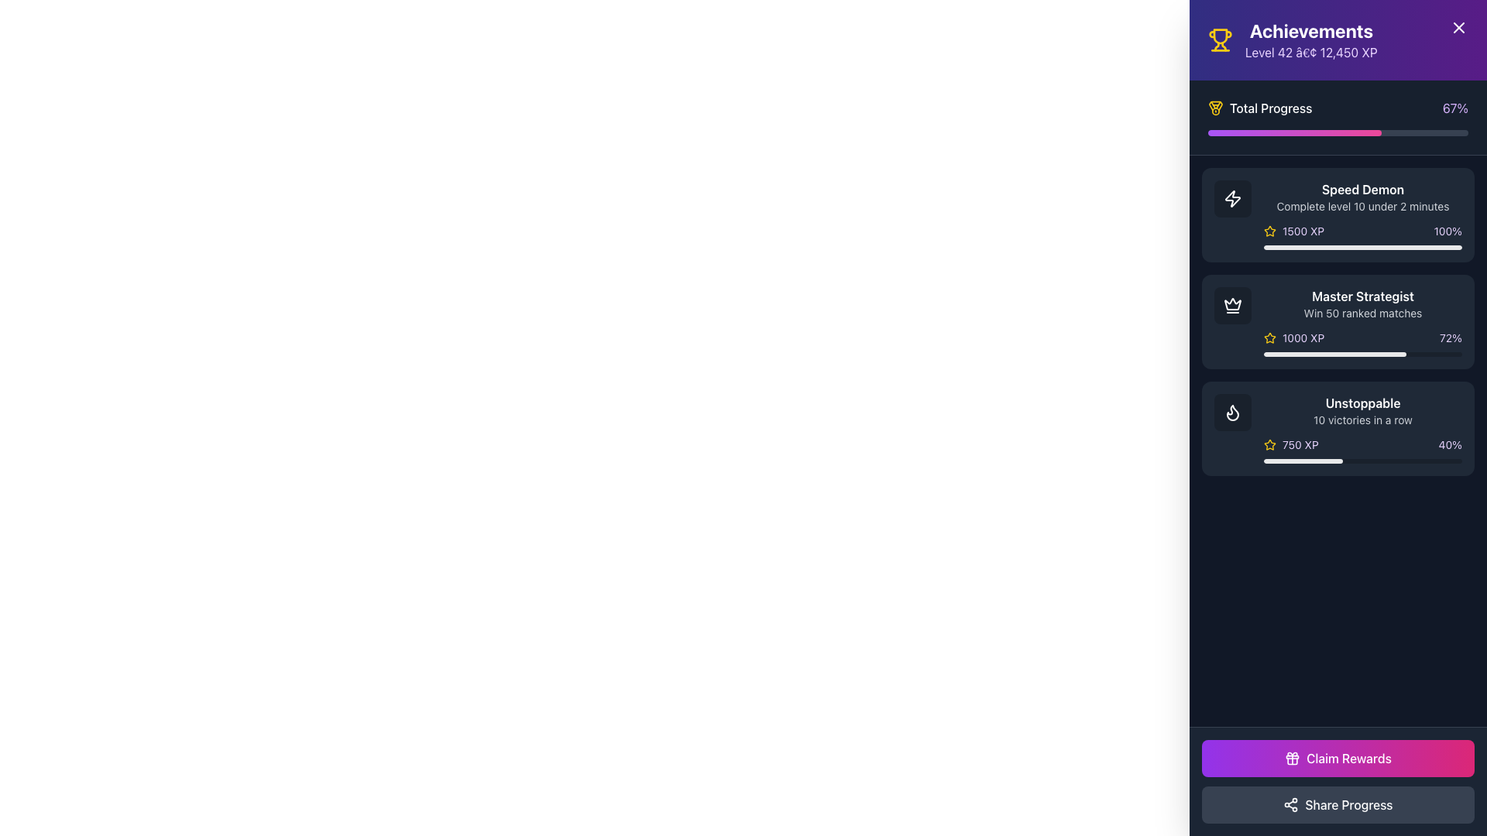 The width and height of the screenshot is (1487, 836). Describe the element at coordinates (1270, 444) in the screenshot. I see `the star-shaped golden-yellow icon located in the 'Unstoppable' achievement row, to the left of the text '750 XP'` at that location.